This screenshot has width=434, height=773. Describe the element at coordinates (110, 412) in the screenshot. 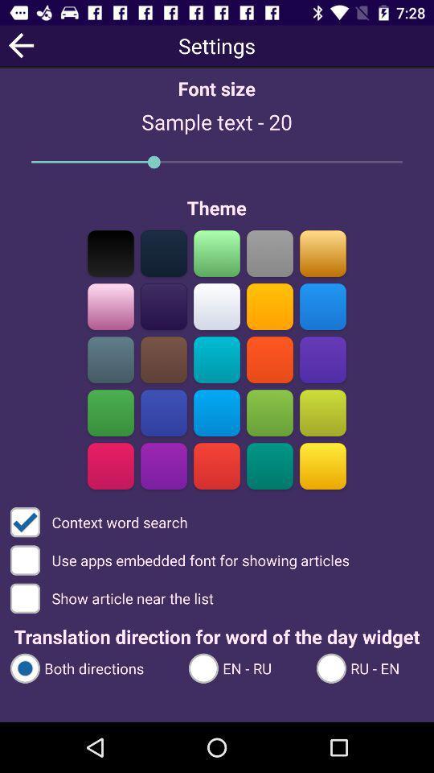

I see `change background color` at that location.